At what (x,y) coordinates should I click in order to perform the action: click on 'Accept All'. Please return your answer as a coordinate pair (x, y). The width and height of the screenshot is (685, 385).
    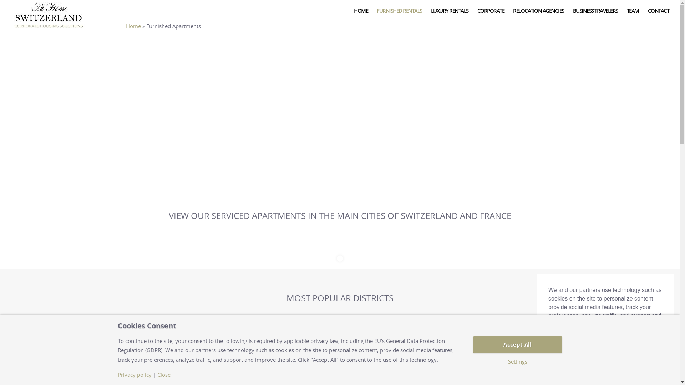
    Looking at the image, I should click on (473, 344).